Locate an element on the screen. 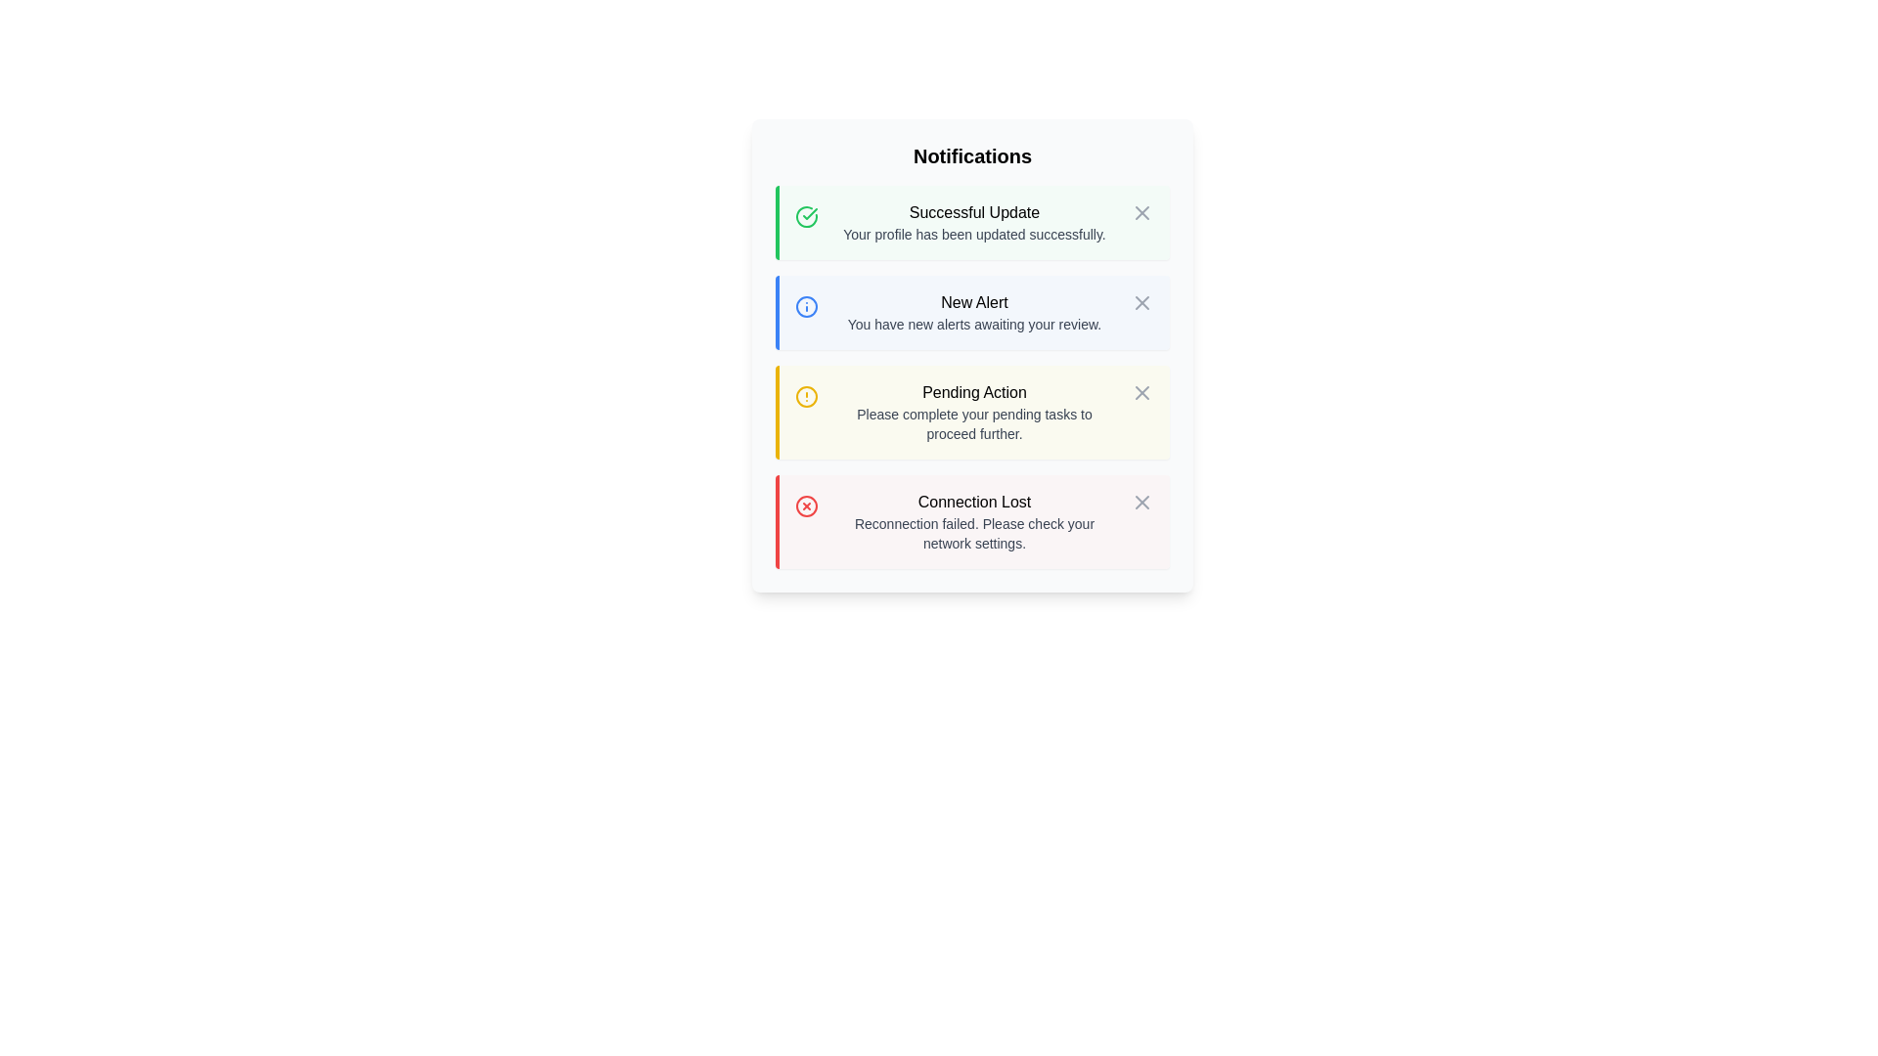 This screenshot has height=1056, width=1878. the clickable icon in the notification list, which appears as a diagonal cross with a thin stroke and rounded ends is located at coordinates (1141, 302).